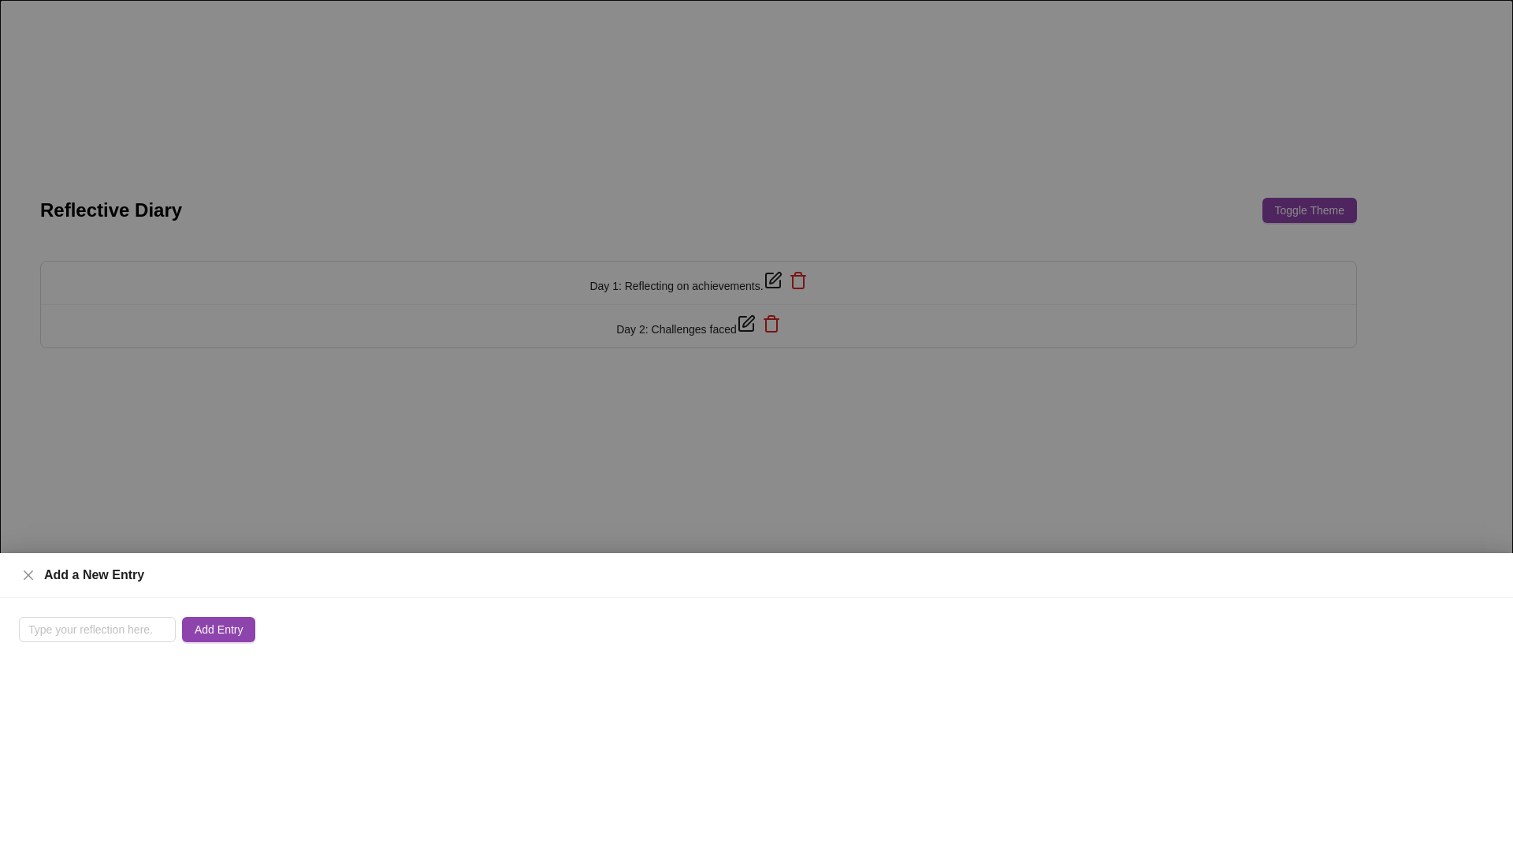 This screenshot has height=851, width=1513. Describe the element at coordinates (797, 279) in the screenshot. I see `the red trash can icon located at the right side of the second diary entry row labeled 'Day 2: Challenges faced'` at that location.